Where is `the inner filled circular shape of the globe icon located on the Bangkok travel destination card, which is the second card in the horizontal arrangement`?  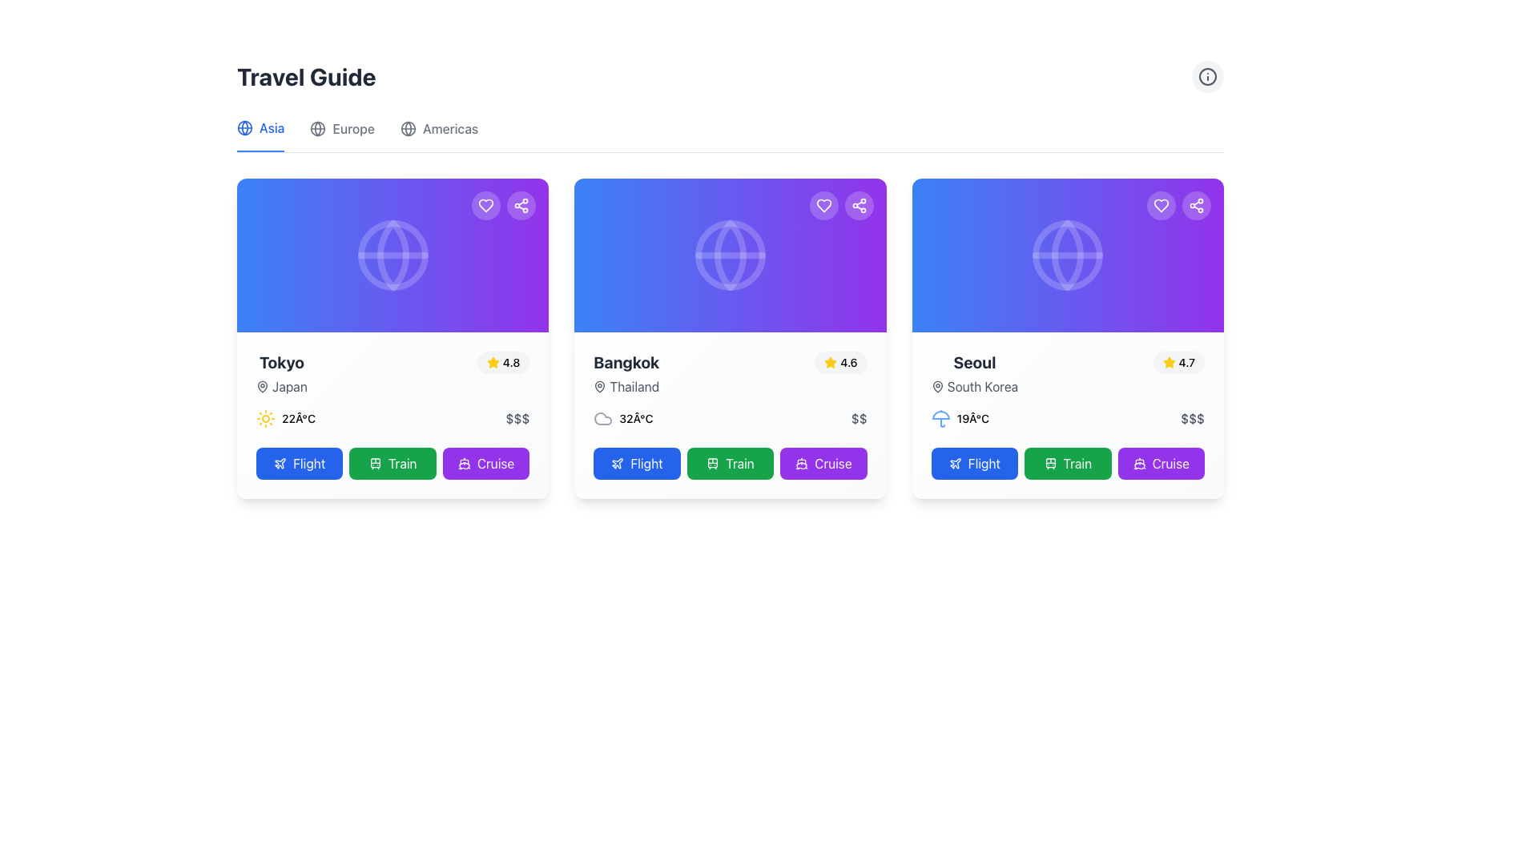 the inner filled circular shape of the globe icon located on the Bangkok travel destination card, which is the second card in the horizontal arrangement is located at coordinates (730, 255).